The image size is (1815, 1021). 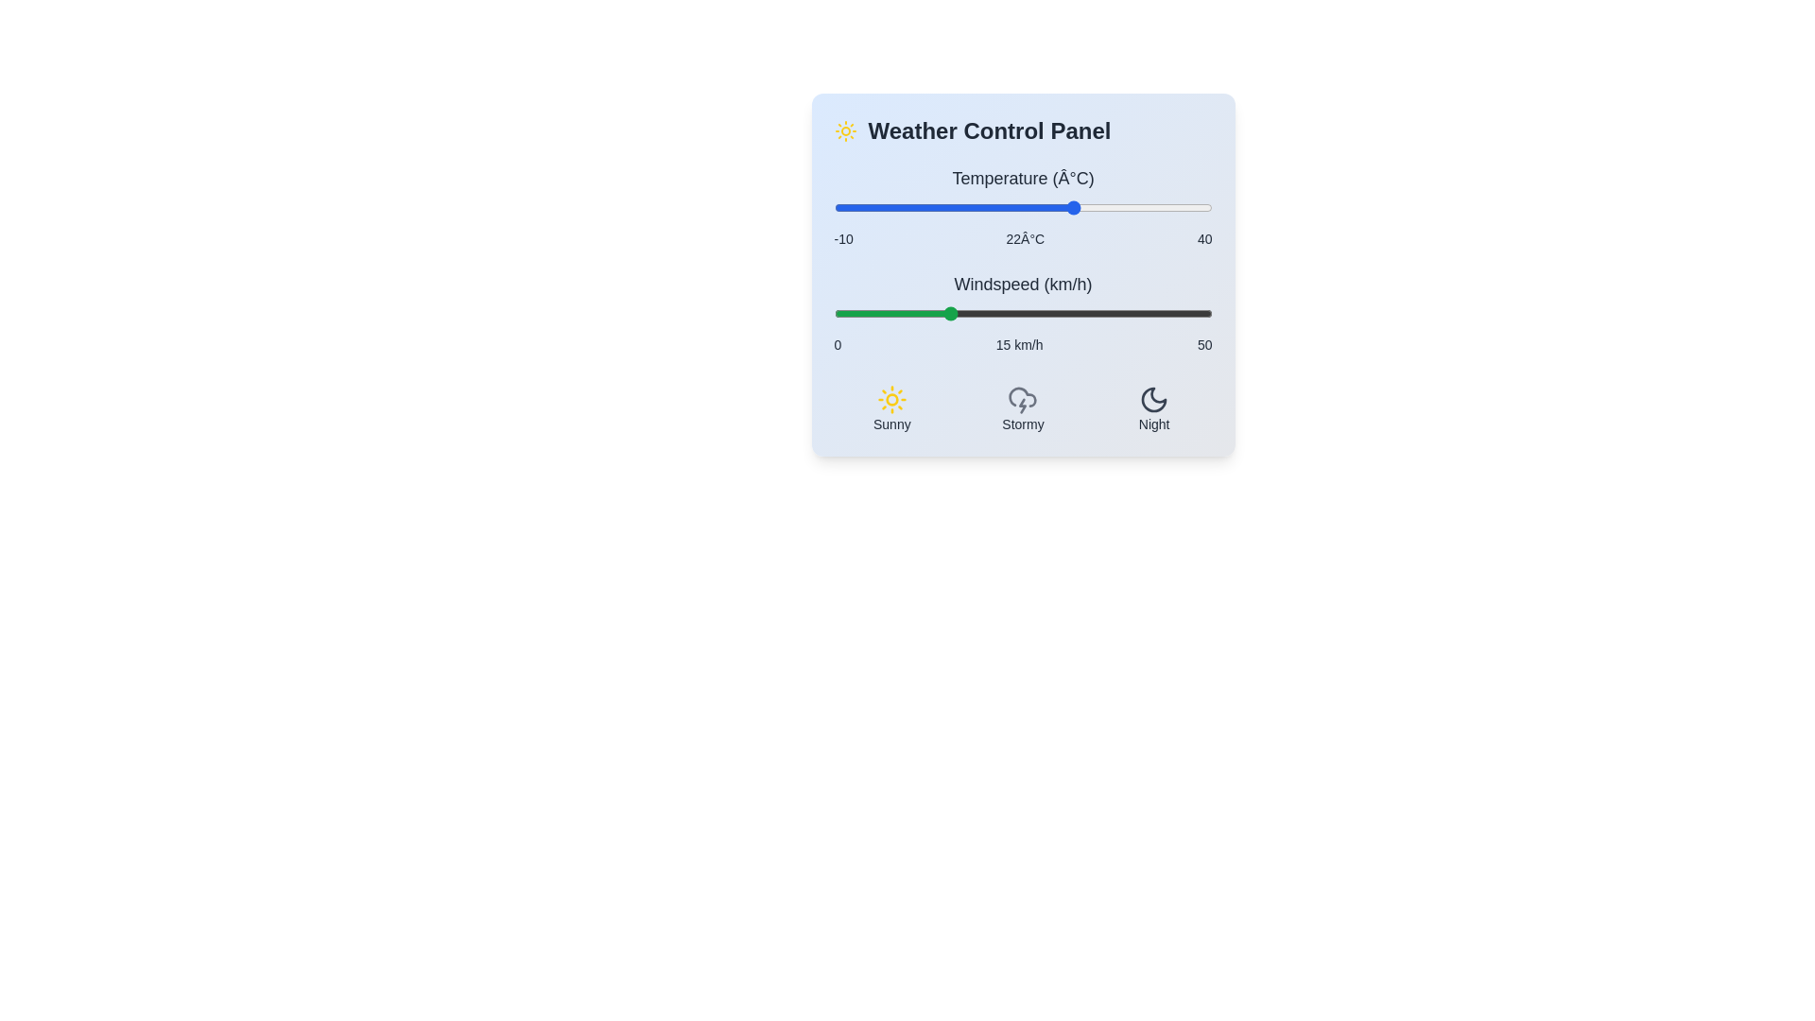 I want to click on text label that describes the 'Stormy' weather condition, which is centrally aligned beneath the cloud-lightning icon in the weather control interface, so click(x=1022, y=423).